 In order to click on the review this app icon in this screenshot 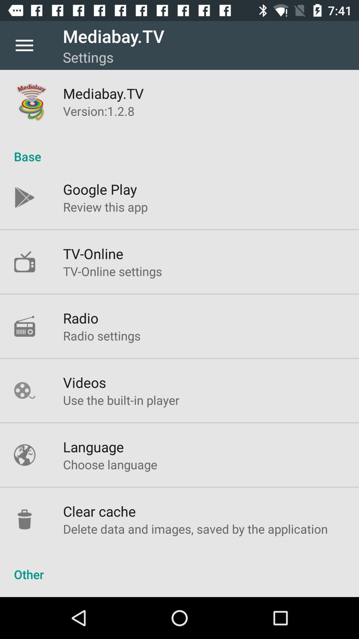, I will do `click(105, 206)`.